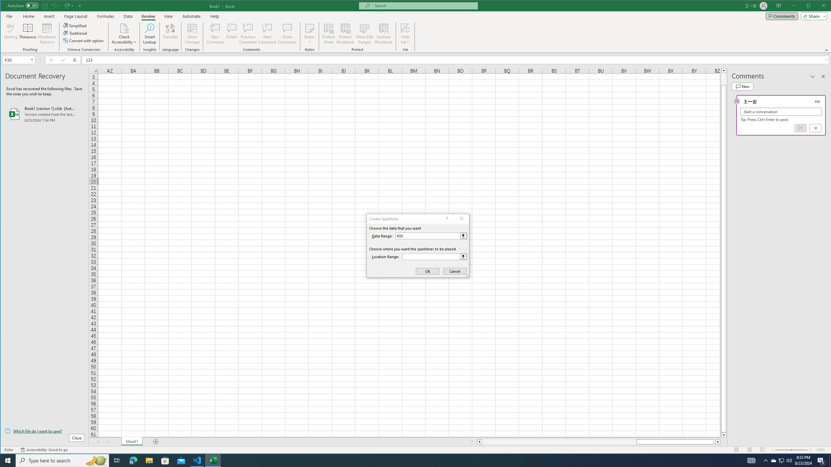 The width and height of the screenshot is (831, 467). Describe the element at coordinates (170, 33) in the screenshot. I see `'Translate'` at that location.